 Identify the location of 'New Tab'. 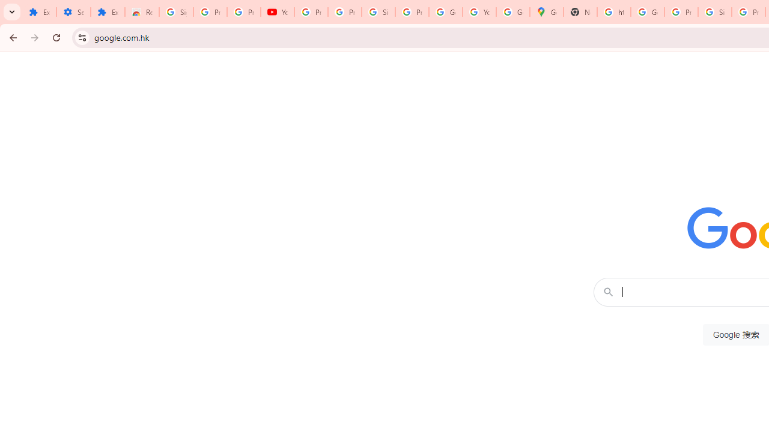
(580, 12).